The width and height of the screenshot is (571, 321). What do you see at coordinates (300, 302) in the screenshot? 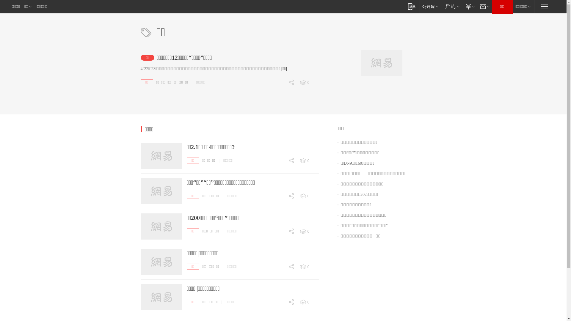
I see `'0'` at bounding box center [300, 302].